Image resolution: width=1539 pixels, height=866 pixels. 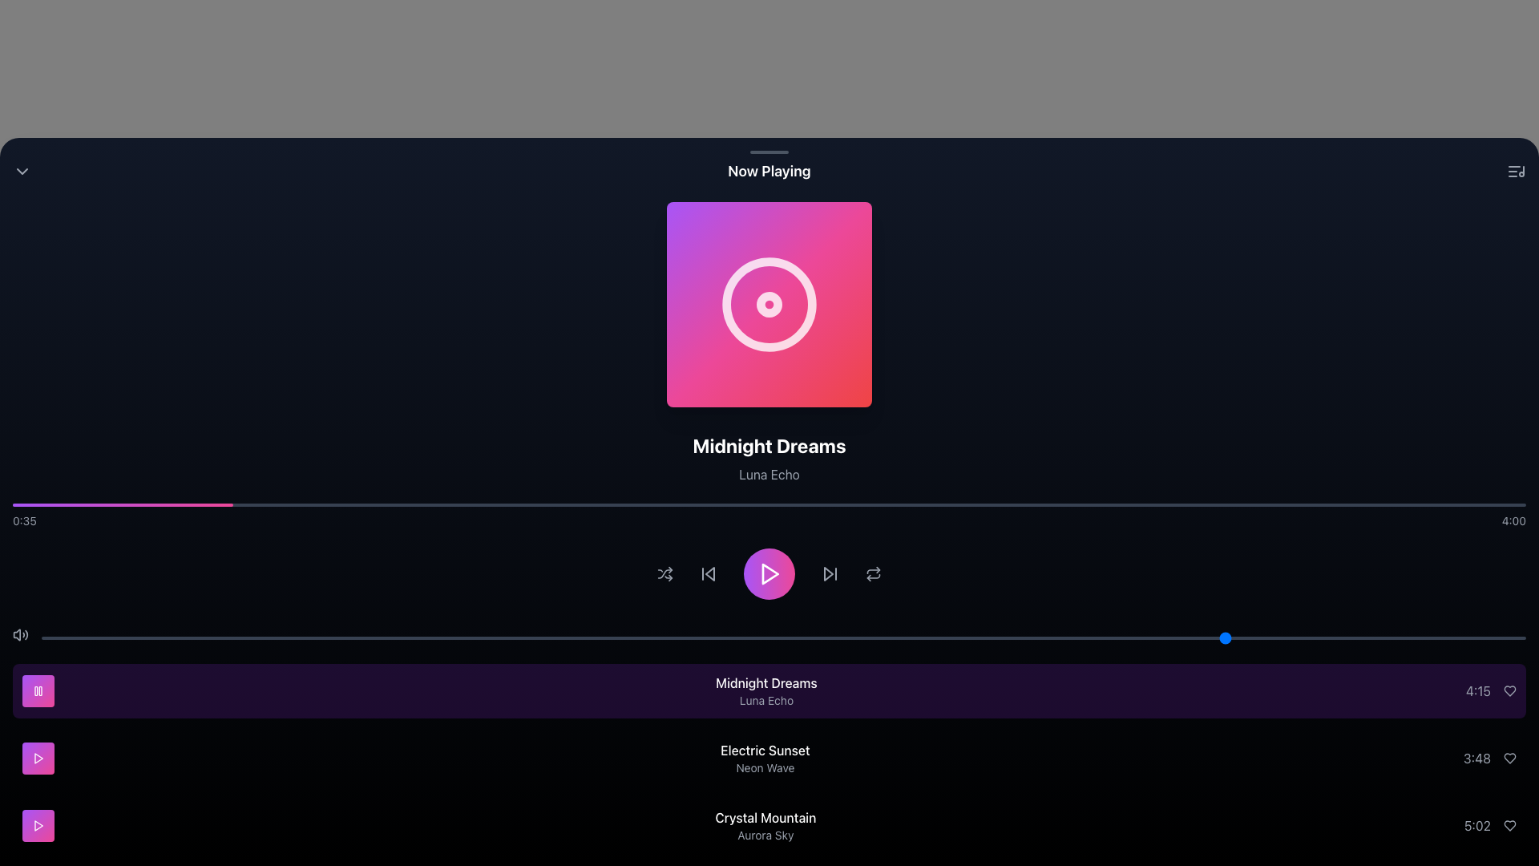 What do you see at coordinates (1509, 690) in the screenshot?
I see `the heart icon that serves as a favorite or like button for the associated song, located on the right side of the interface near the duration indicator of a song` at bounding box center [1509, 690].